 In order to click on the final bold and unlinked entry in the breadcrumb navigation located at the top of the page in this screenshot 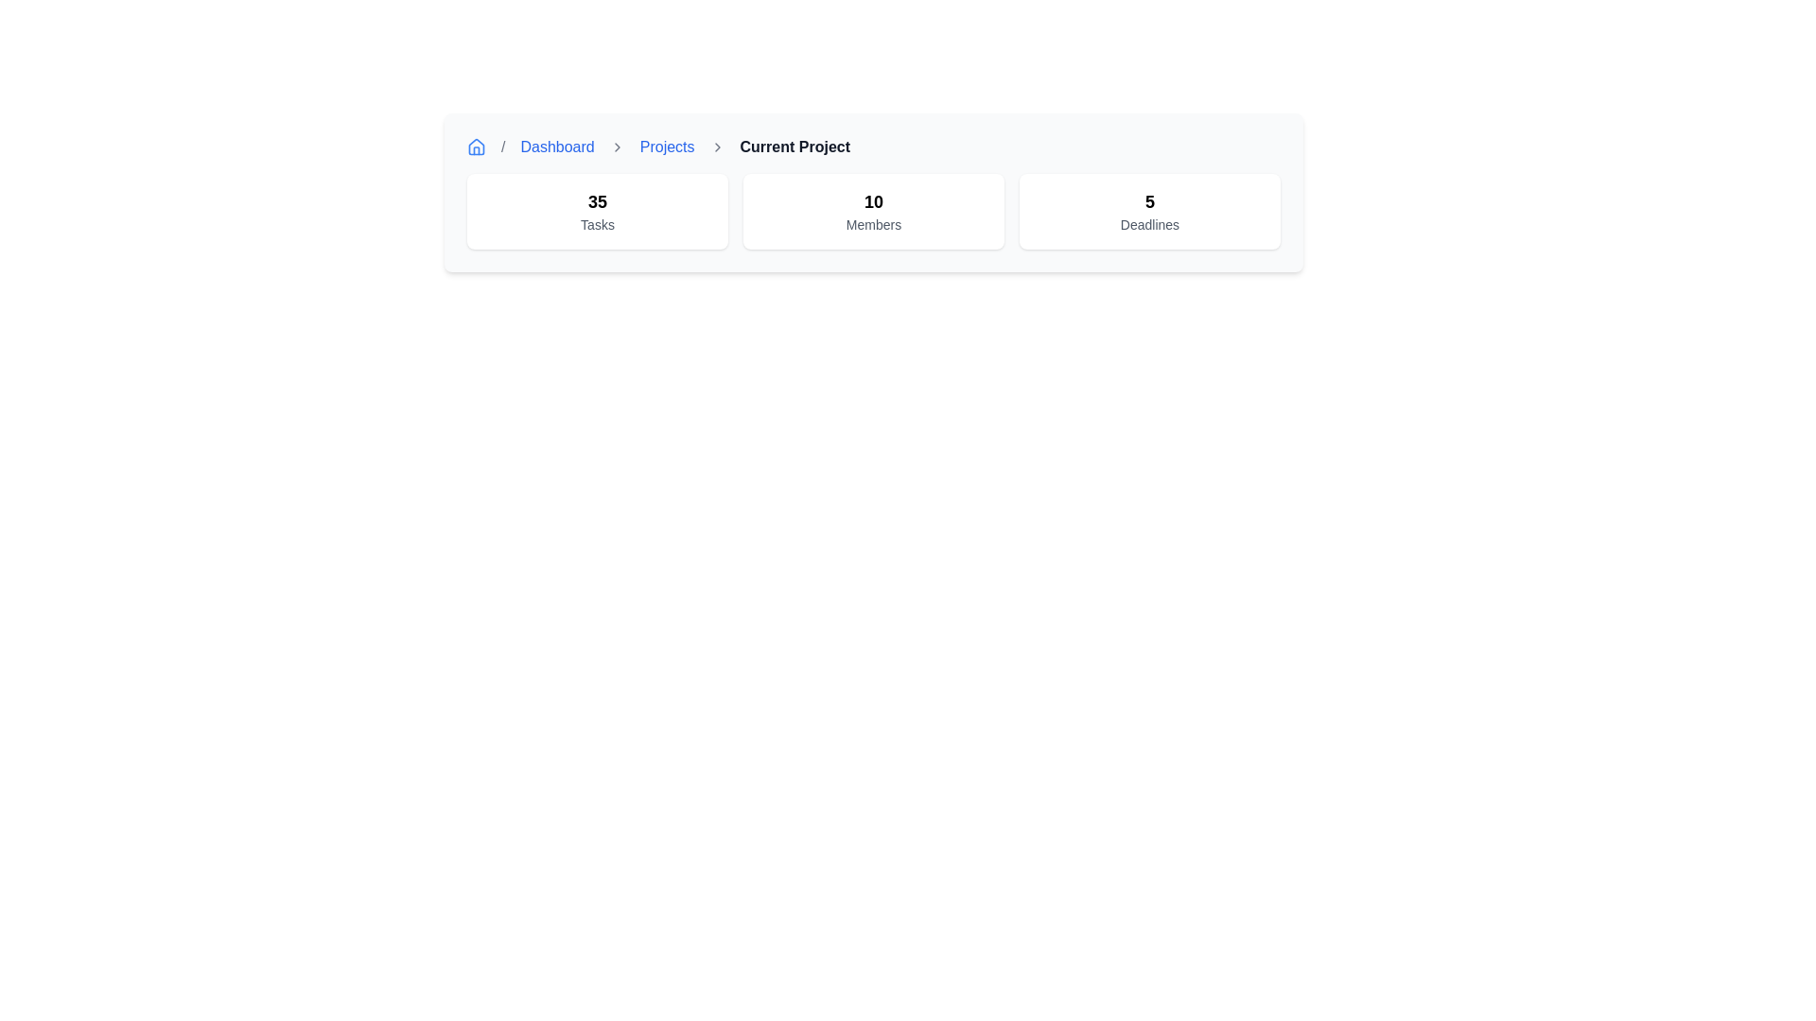, I will do `click(794, 146)`.